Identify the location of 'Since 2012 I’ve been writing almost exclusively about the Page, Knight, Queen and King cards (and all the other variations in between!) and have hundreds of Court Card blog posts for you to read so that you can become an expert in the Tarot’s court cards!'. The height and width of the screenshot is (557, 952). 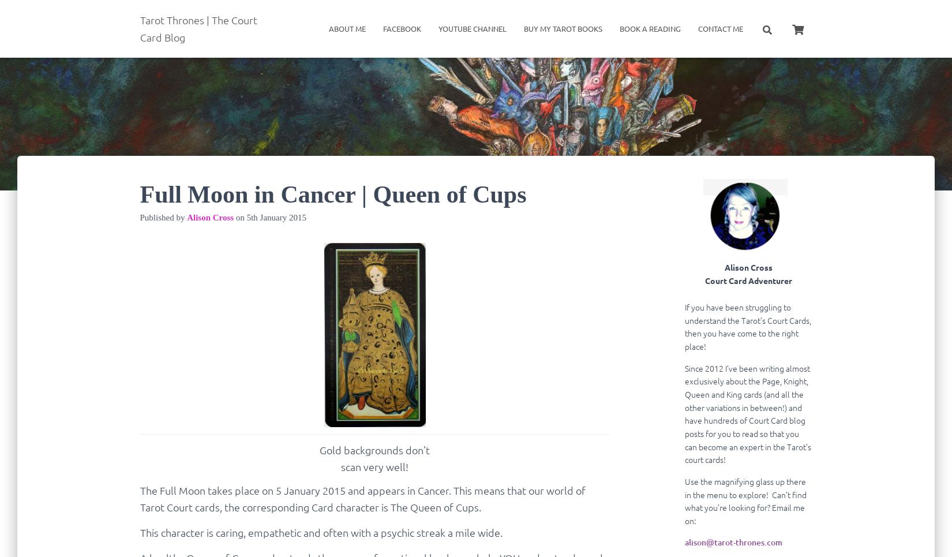
(747, 413).